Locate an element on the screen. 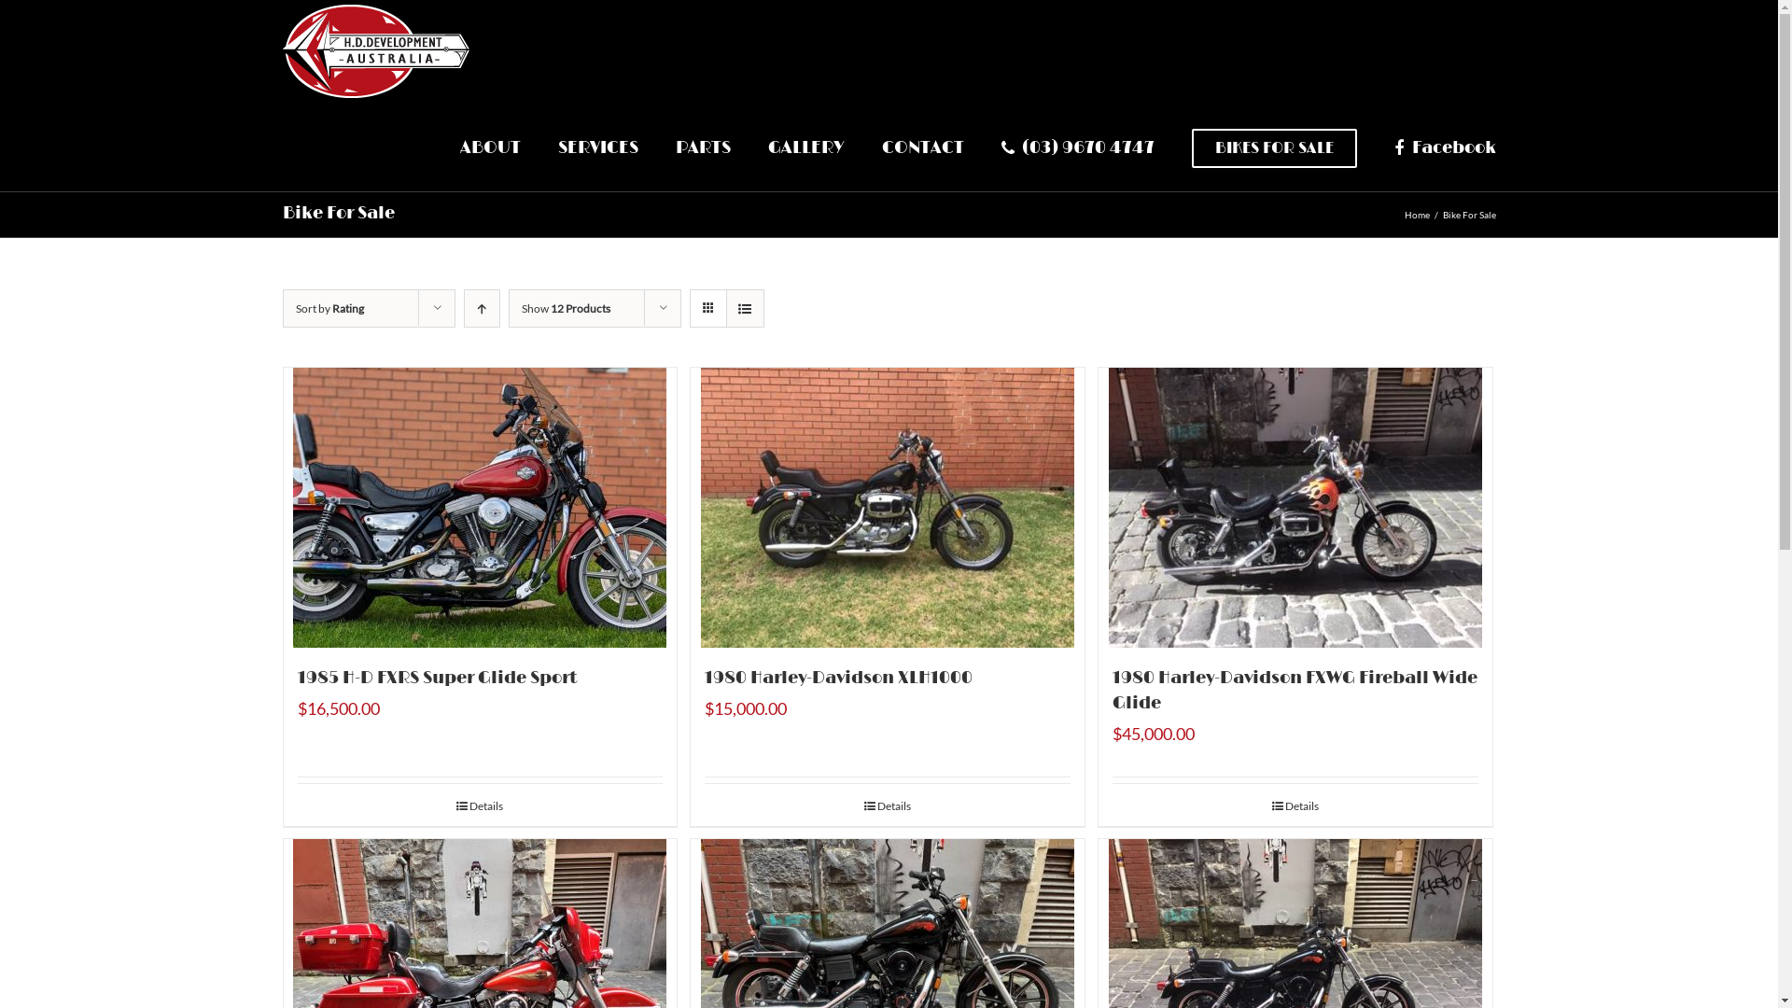 The height and width of the screenshot is (1008, 1792). 'Show 12 Products' is located at coordinates (564, 307).